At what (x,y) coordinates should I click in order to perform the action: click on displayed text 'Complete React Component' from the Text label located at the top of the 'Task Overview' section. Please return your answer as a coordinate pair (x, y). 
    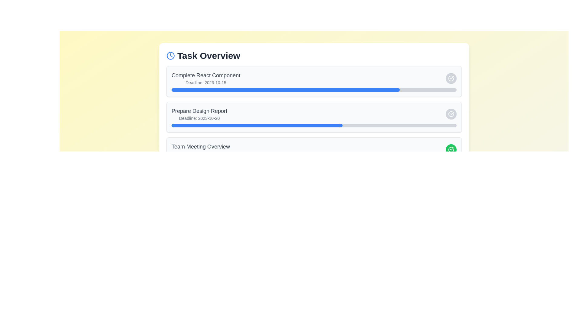
    Looking at the image, I should click on (206, 78).